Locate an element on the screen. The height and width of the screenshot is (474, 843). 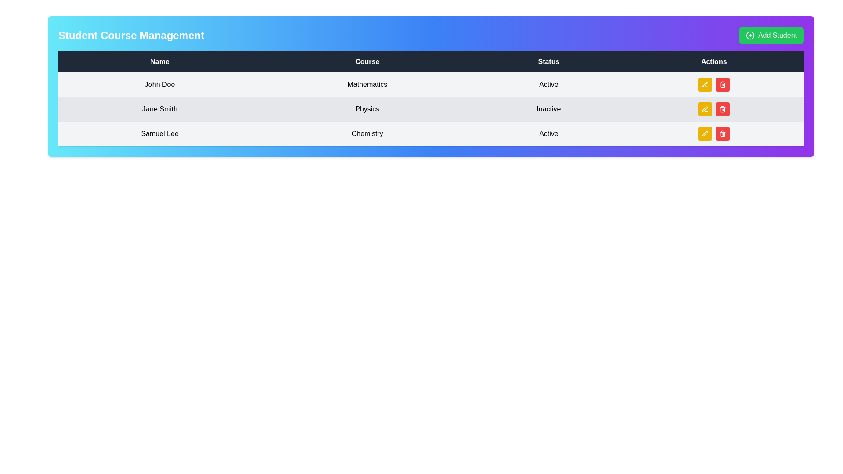
the pen icon button with a yellow background located in the 'Actions' column for the student 'Samuel Lee' is located at coordinates (705, 133).